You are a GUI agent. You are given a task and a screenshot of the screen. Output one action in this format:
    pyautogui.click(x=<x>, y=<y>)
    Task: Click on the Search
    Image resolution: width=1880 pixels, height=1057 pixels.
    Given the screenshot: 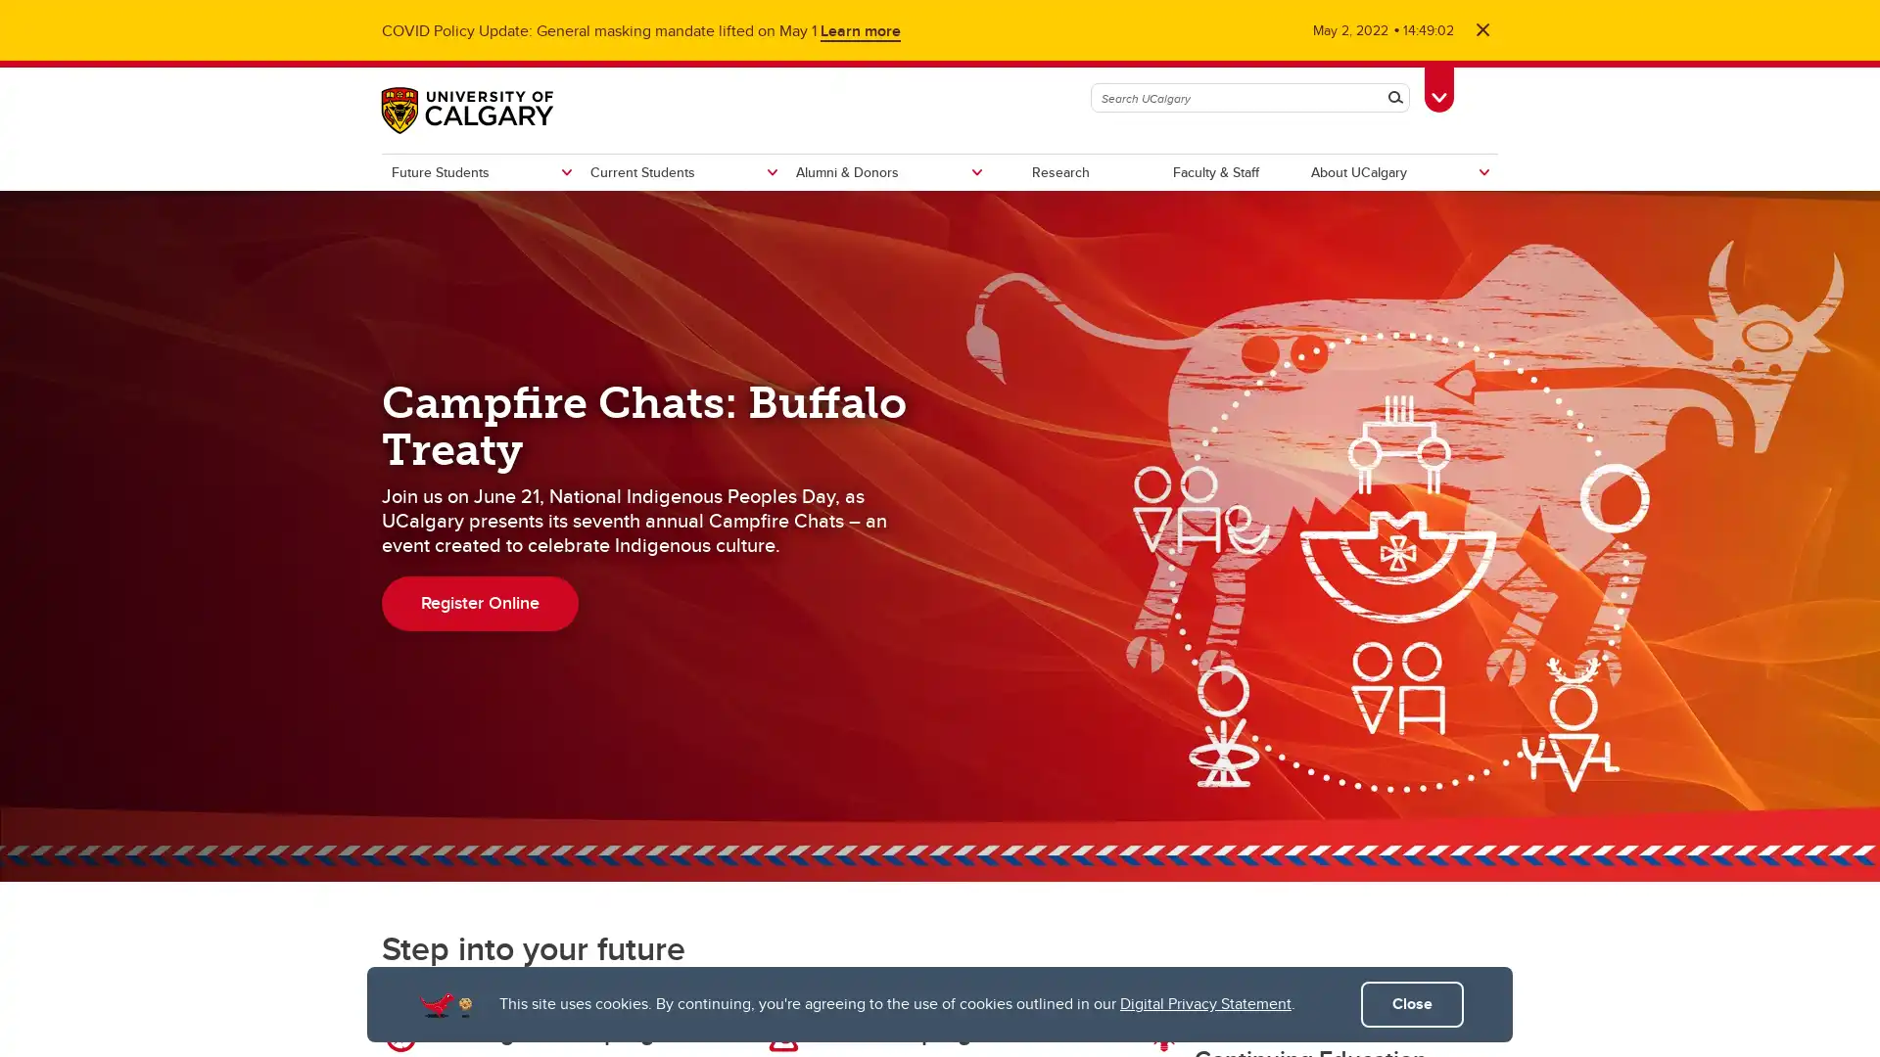 What is the action you would take?
    pyautogui.click(x=1394, y=98)
    